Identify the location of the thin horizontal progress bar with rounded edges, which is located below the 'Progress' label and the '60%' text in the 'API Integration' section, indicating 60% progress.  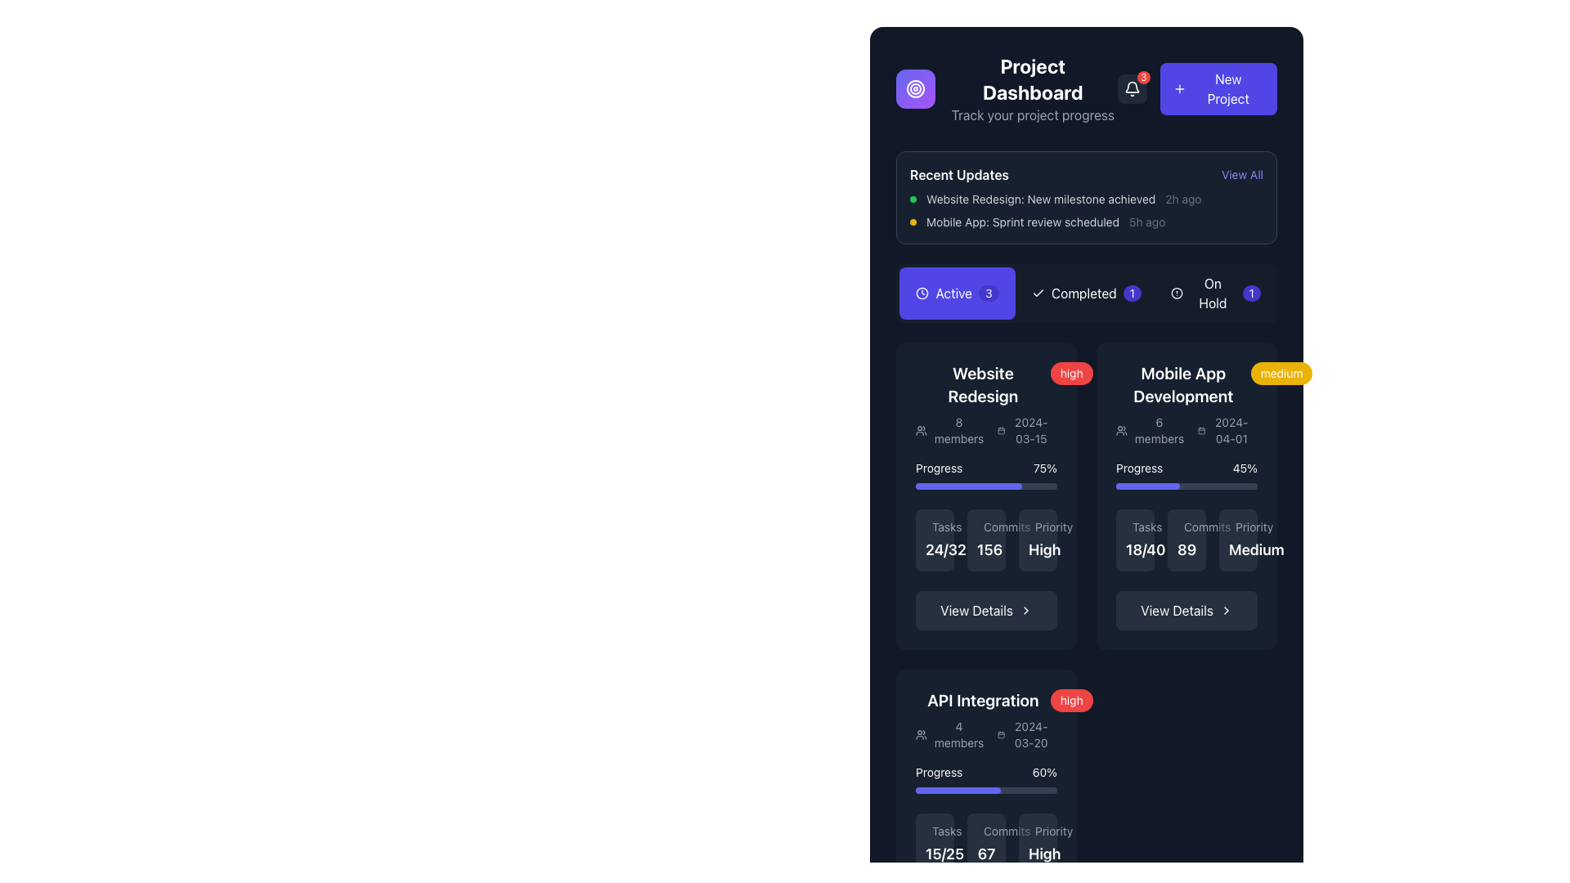
(985, 790).